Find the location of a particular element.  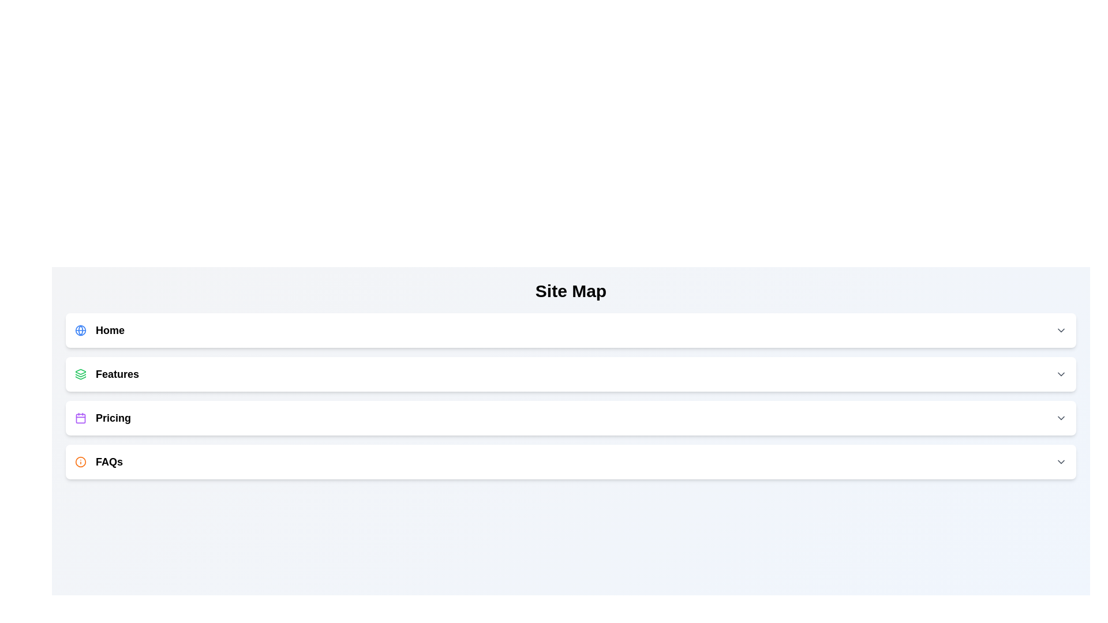

the innermost circular part of the globe icon that enhances the visual representation of the 'Home' menu item is located at coordinates (80, 331).